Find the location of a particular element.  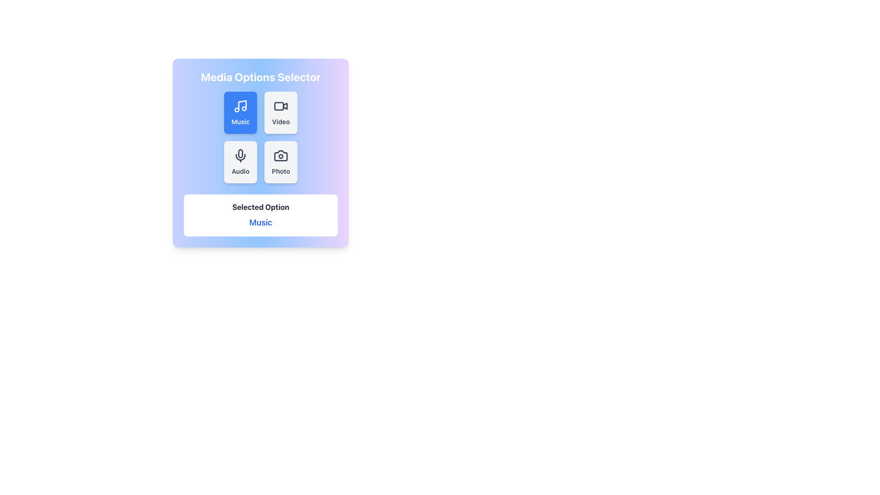

the camera icon labeled 'Photo' located in the bottom-right corner of the media type options grid is located at coordinates (280, 155).